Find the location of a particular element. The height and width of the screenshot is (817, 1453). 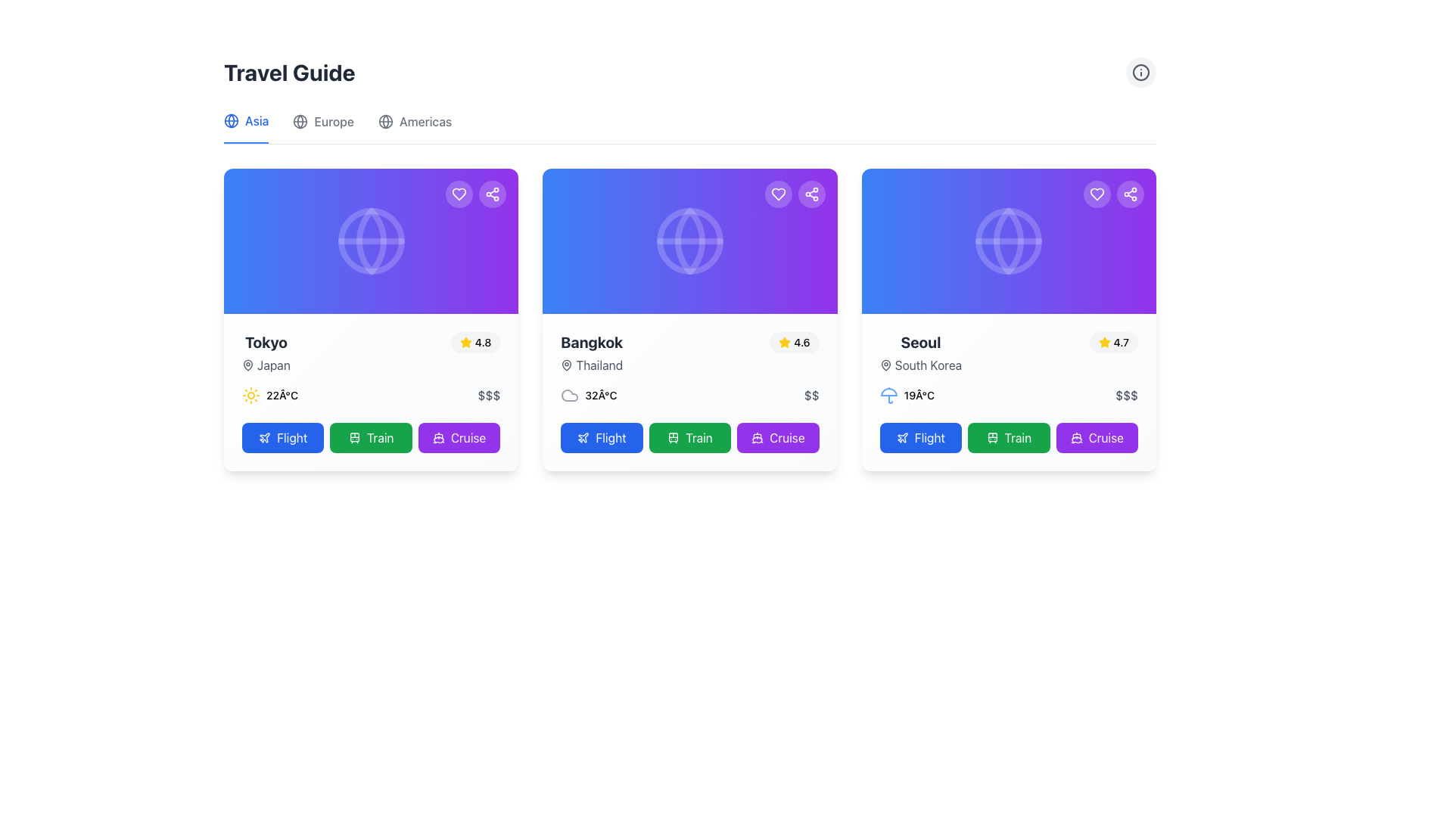

the circular button with a semi-transparent white background and a white heart icon located in the upper-right corner of the 'Seoul' destination card to mark the destination as a favorite is located at coordinates (1097, 194).